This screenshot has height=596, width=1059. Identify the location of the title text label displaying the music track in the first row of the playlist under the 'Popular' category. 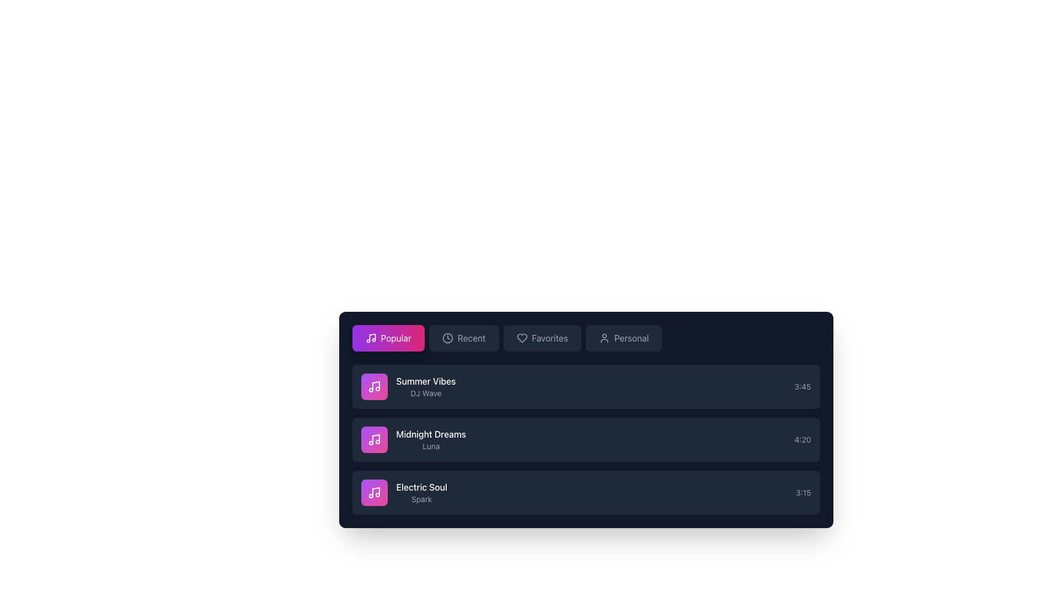
(425, 380).